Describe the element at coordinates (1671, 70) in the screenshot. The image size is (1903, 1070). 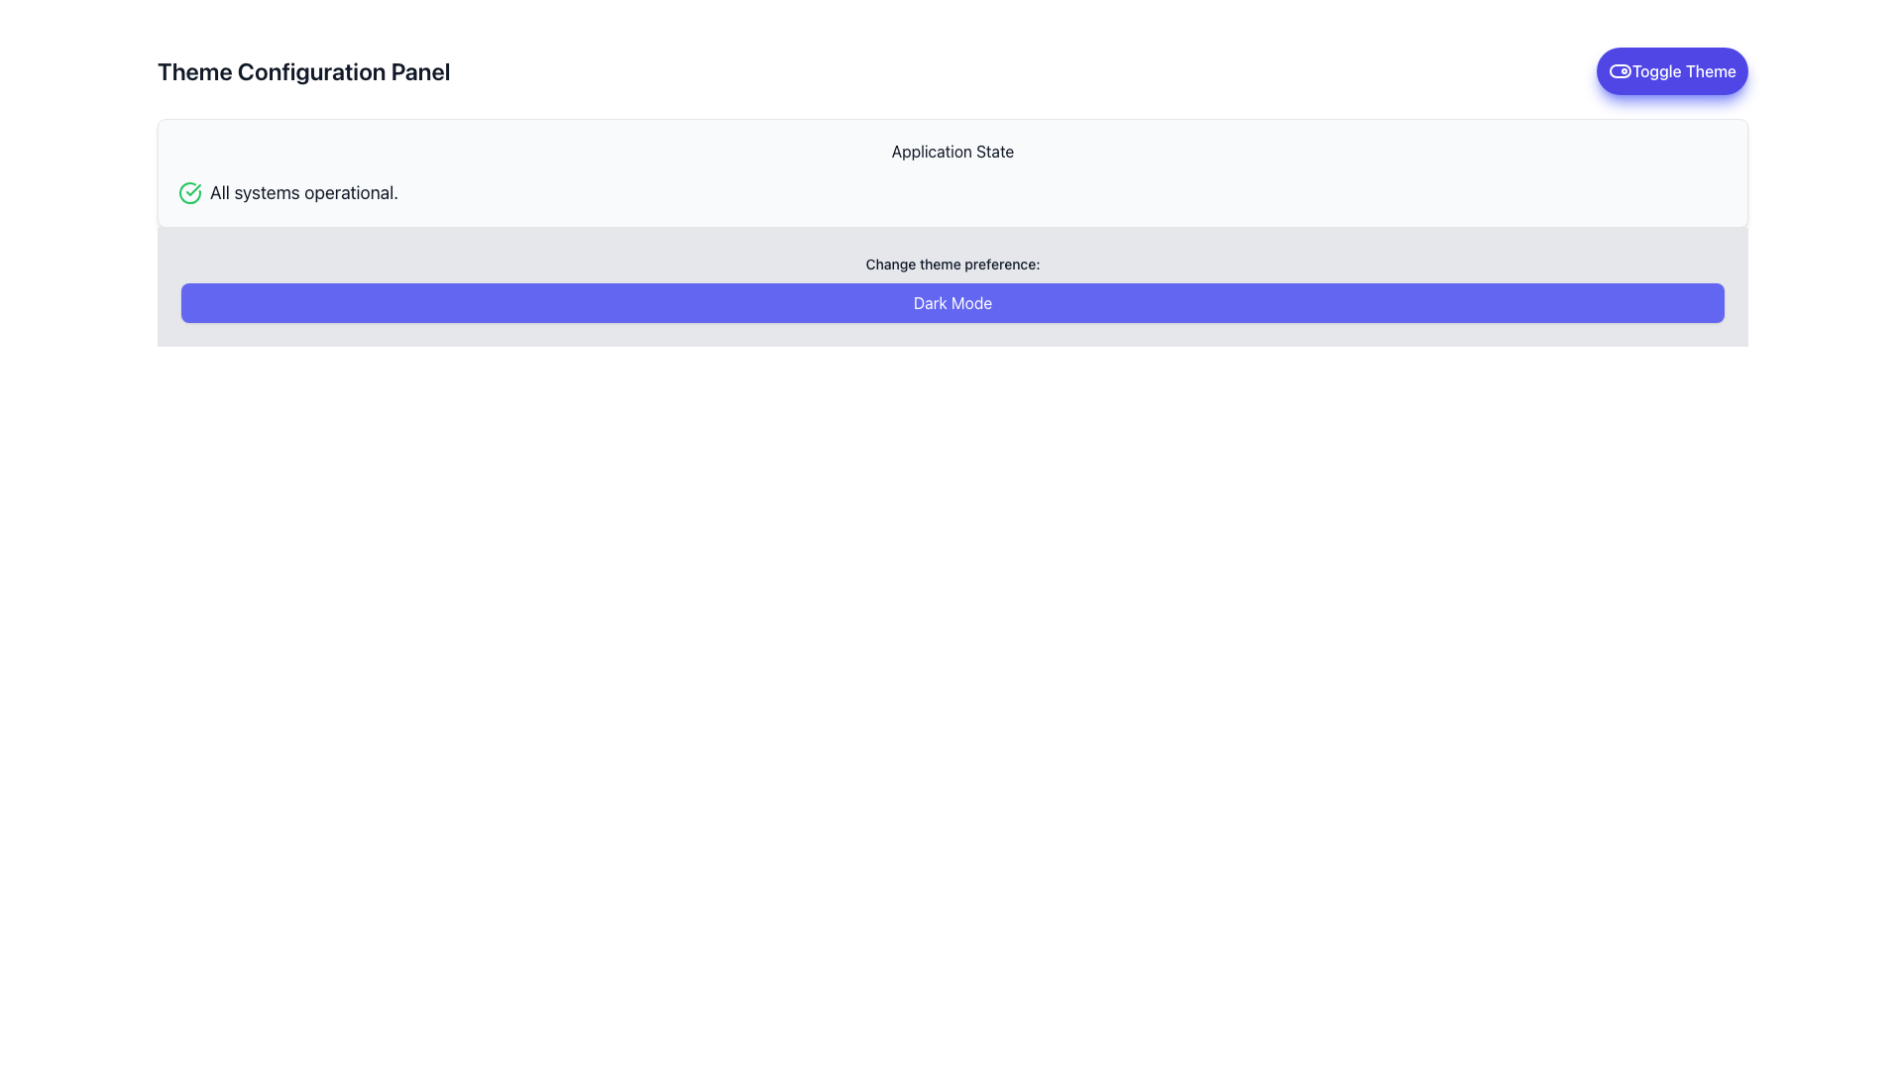
I see `the theme toggle button located in the top-right corner of the interface, aligned with the header labeled 'Theme Configuration Panel', to switch between light and dark modes` at that location.